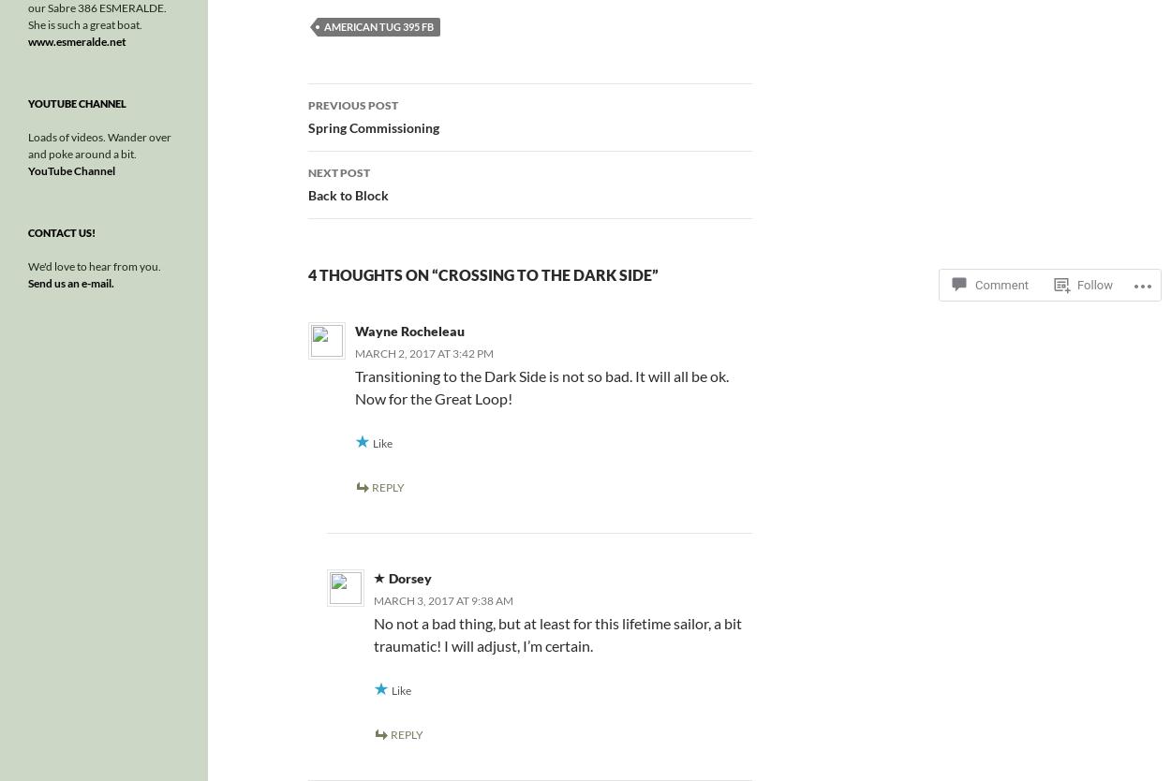 This screenshot has width=1171, height=781. Describe the element at coordinates (409, 577) in the screenshot. I see `'Dorsey'` at that location.